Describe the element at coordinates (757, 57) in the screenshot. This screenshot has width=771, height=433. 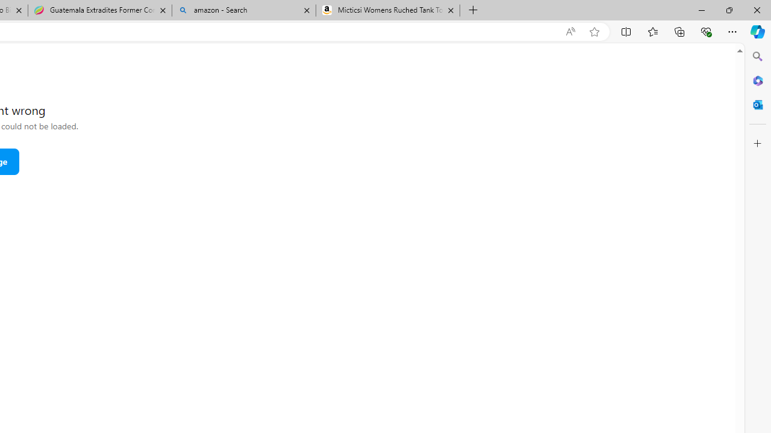
I see `'Search'` at that location.